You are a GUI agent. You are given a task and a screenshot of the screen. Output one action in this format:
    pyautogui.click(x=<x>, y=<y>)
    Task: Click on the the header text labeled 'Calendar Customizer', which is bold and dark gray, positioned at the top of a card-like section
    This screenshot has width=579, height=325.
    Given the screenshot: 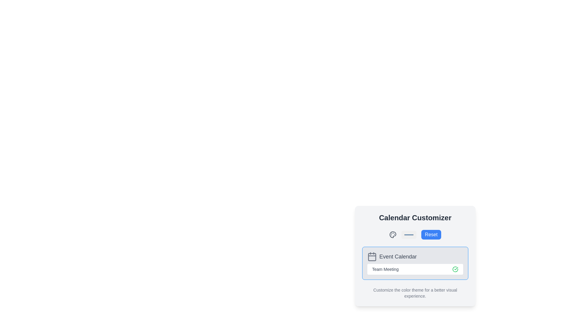 What is the action you would take?
    pyautogui.click(x=415, y=218)
    